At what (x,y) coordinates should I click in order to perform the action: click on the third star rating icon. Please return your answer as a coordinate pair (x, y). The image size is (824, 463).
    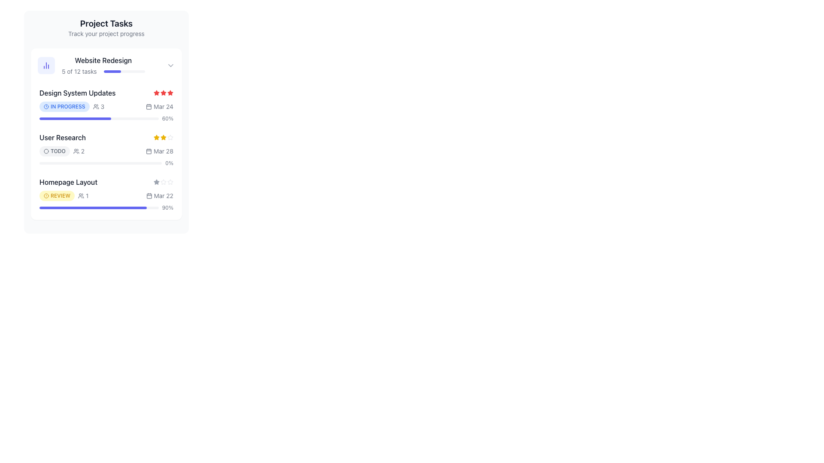
    Looking at the image, I should click on (156, 181).